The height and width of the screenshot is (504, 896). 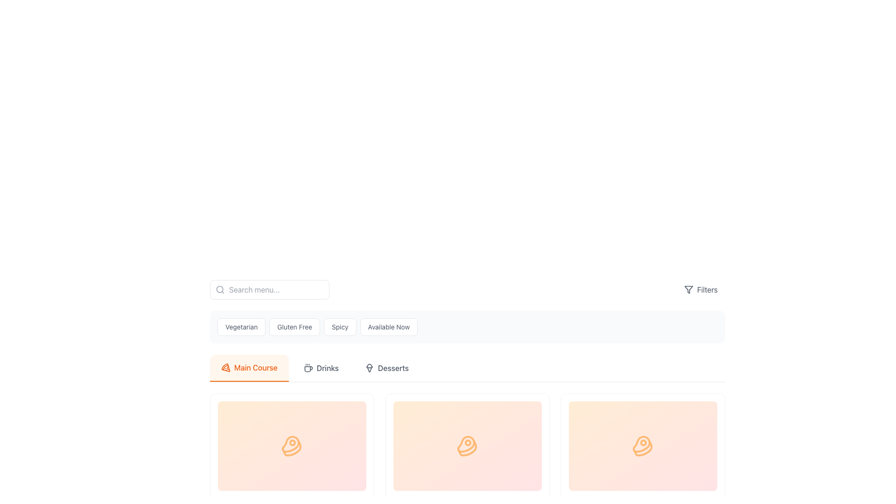 I want to click on the rectangular button labeled 'Available Now' with a white background and gray text, located at the rightmost position among four similar buttons in the category filters group beneath the search bar, so click(x=389, y=327).